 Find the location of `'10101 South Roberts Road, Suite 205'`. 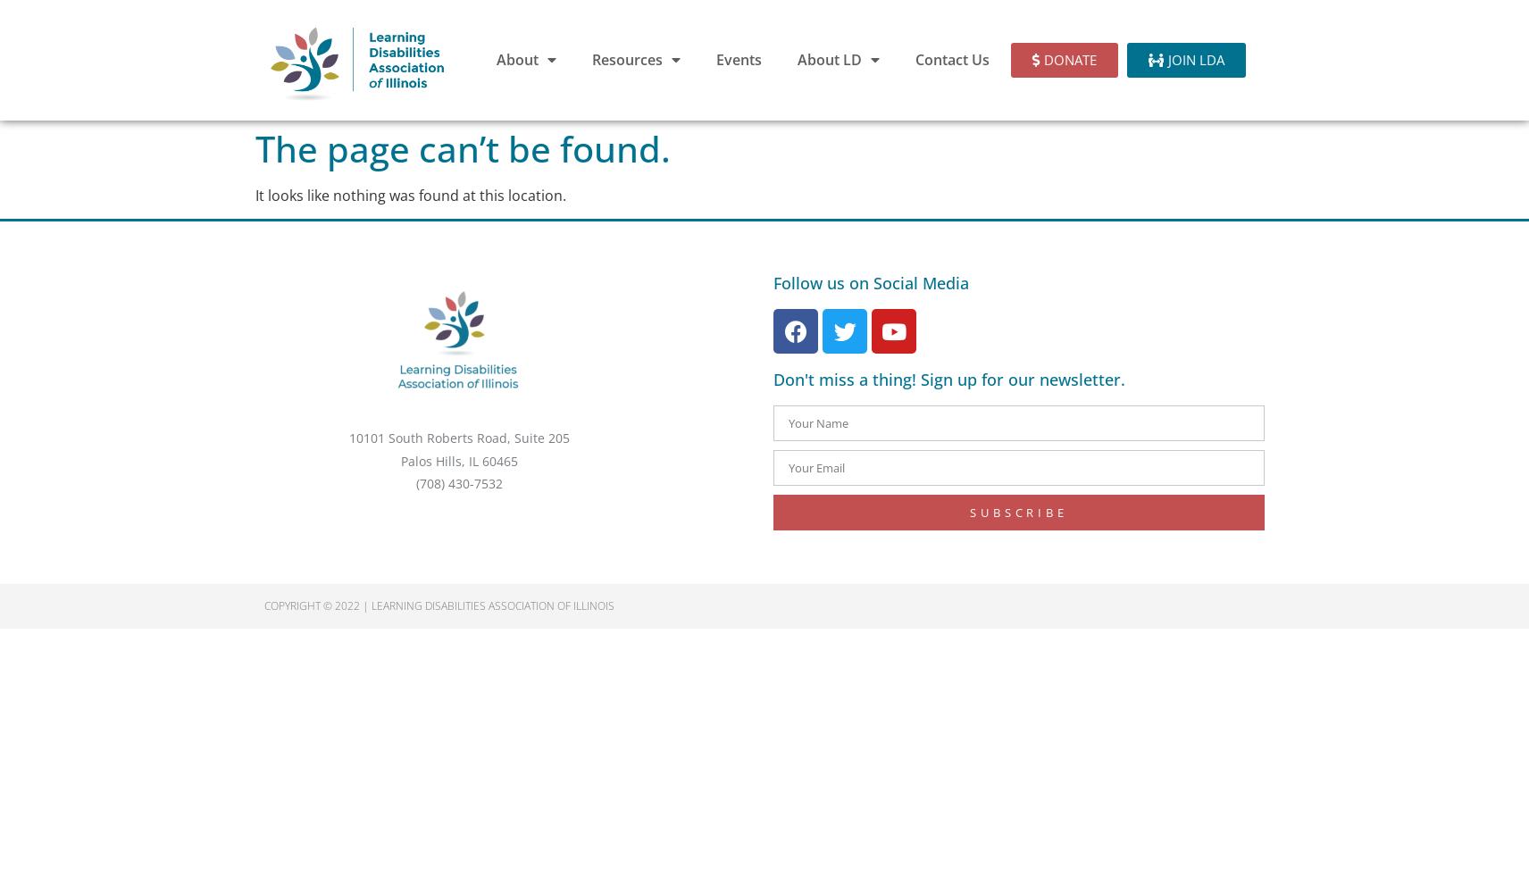

'10101 South Roberts Road, Suite 205' is located at coordinates (457, 437).